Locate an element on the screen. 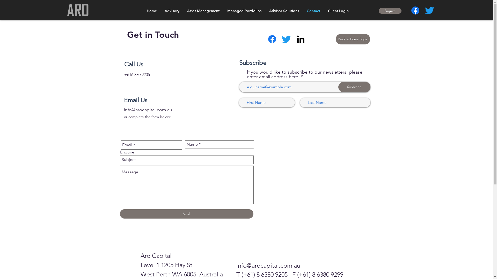 The image size is (497, 279). 'Advisor Solutions' is located at coordinates (265, 11).